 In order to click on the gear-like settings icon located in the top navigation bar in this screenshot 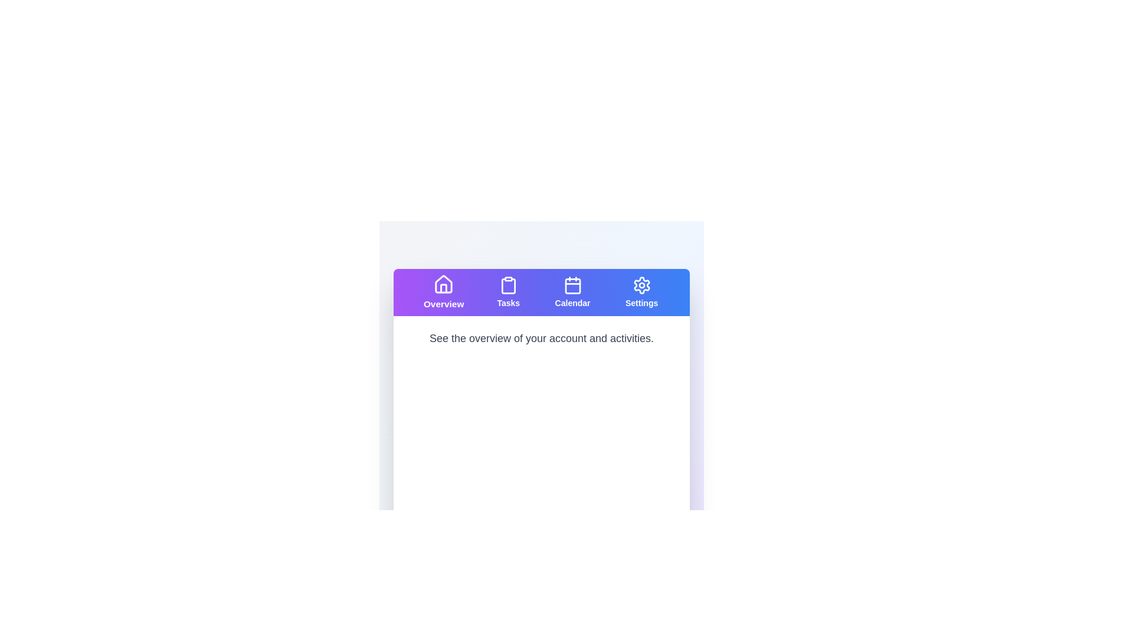, I will do `click(641, 285)`.